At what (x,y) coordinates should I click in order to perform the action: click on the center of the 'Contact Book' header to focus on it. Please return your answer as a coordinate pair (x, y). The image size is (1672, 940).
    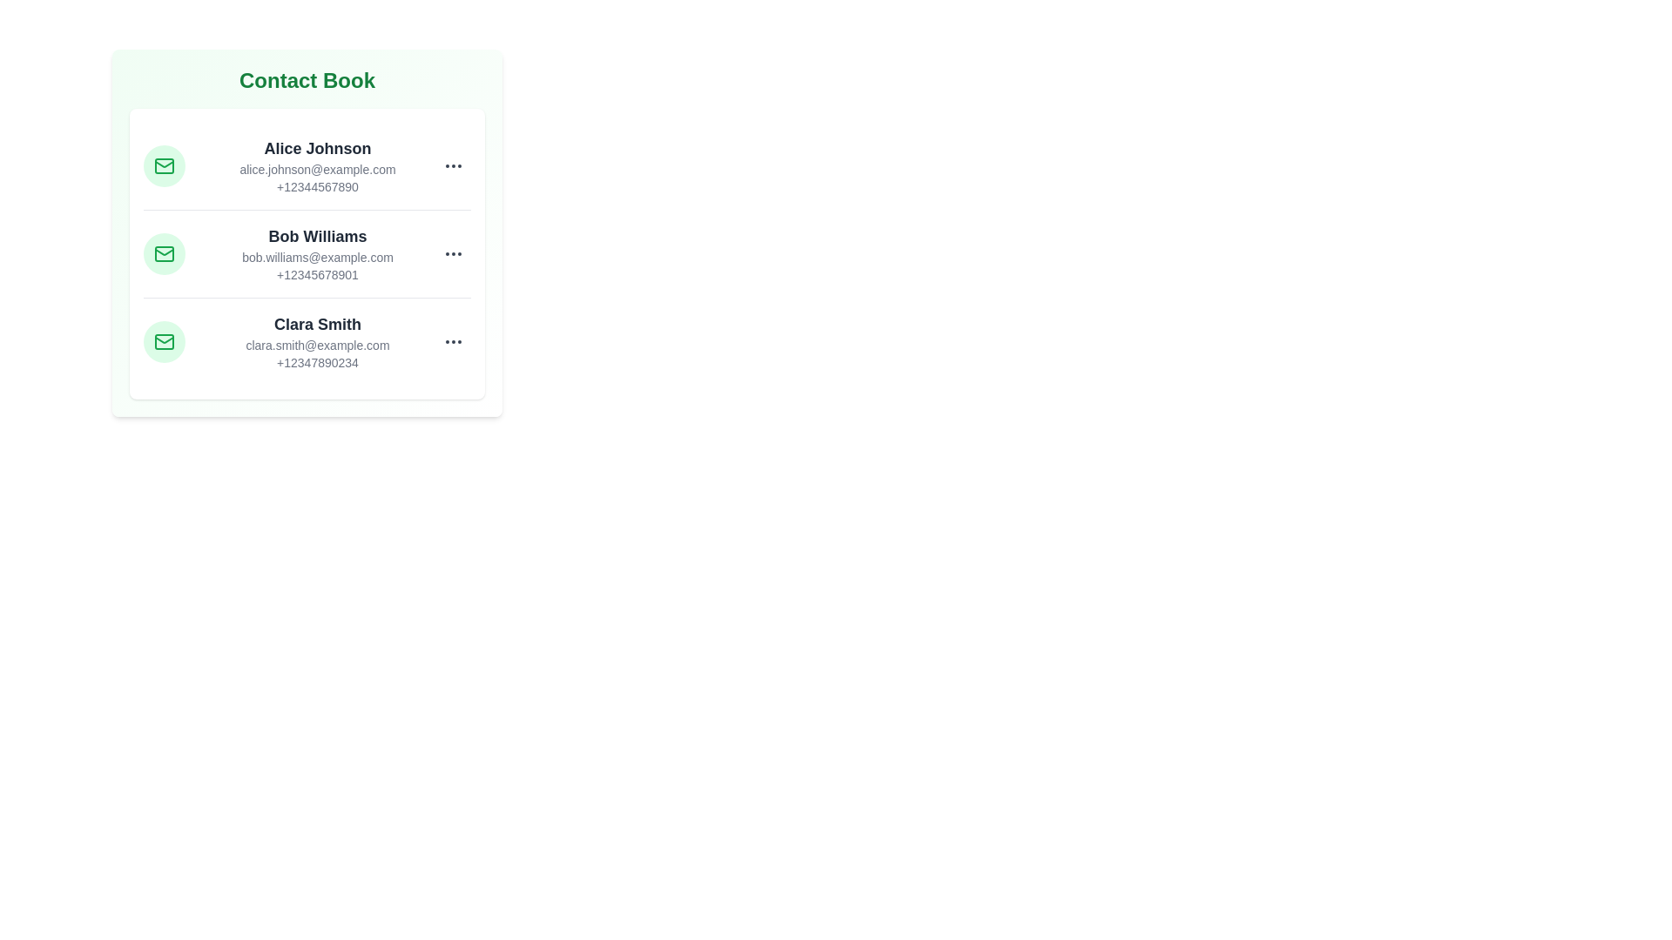
    Looking at the image, I should click on (307, 80).